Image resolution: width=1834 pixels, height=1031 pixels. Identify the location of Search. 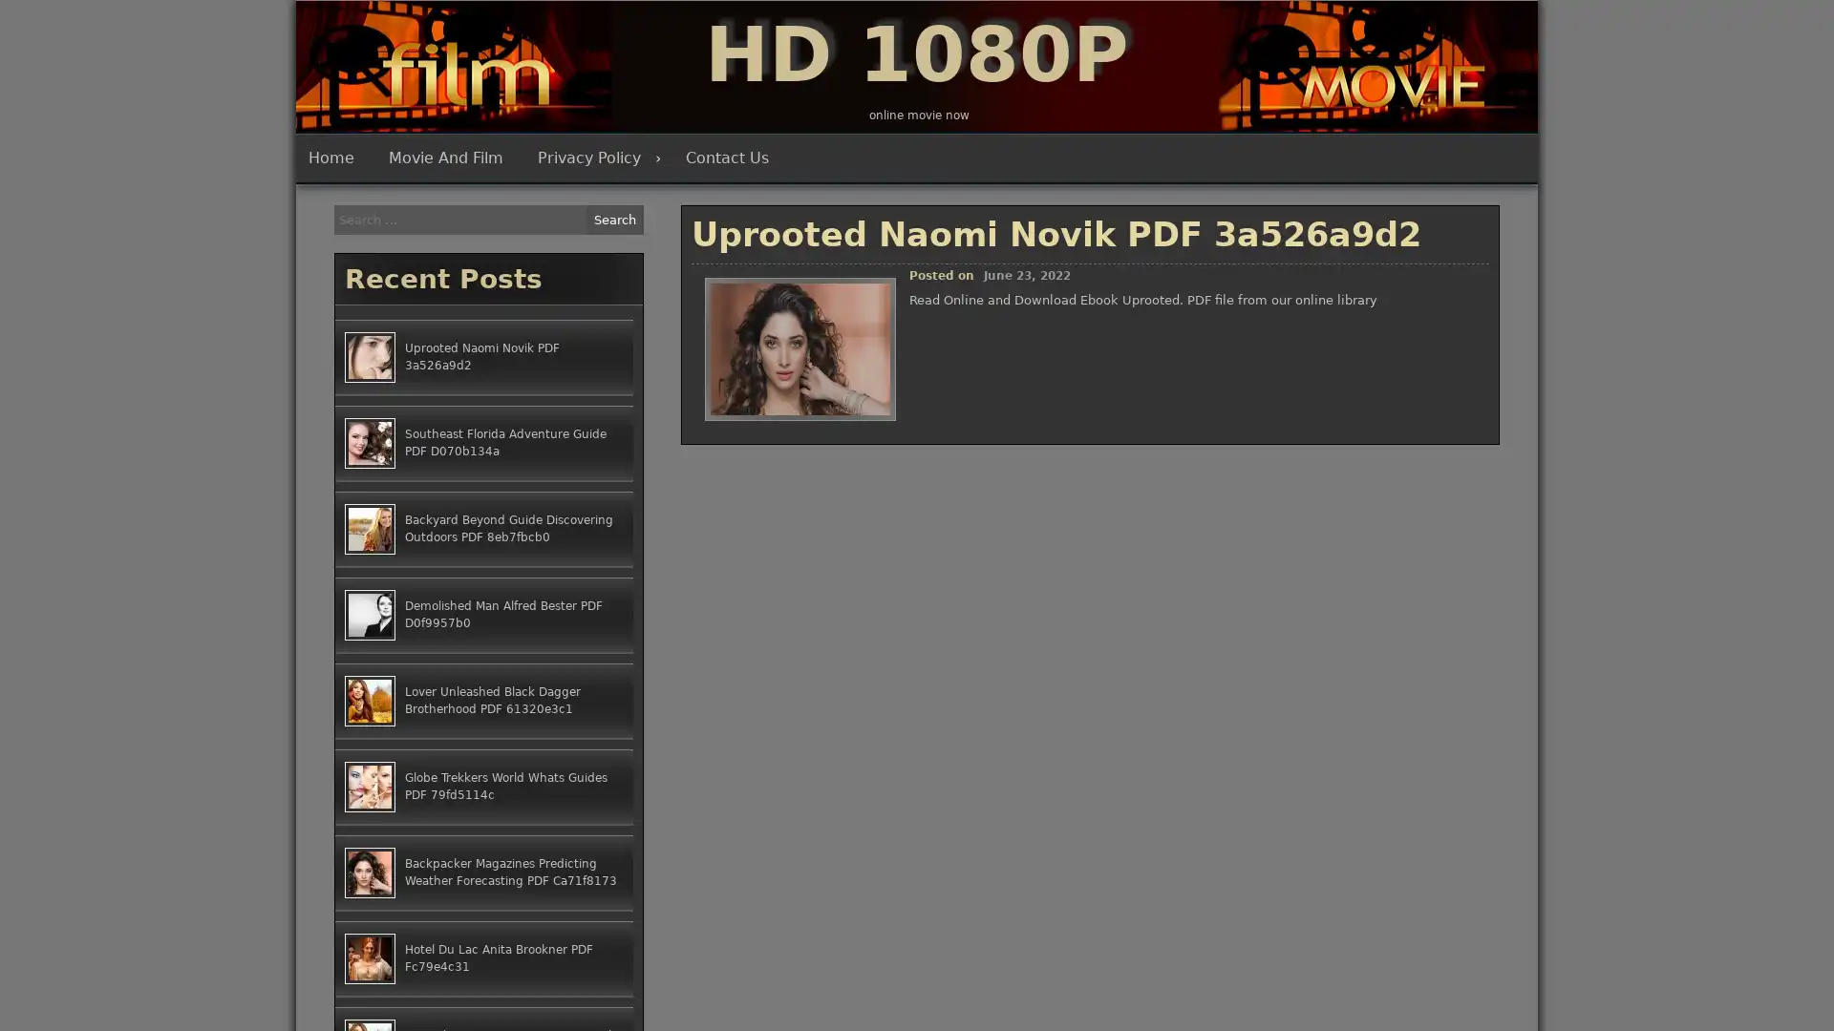
(614, 219).